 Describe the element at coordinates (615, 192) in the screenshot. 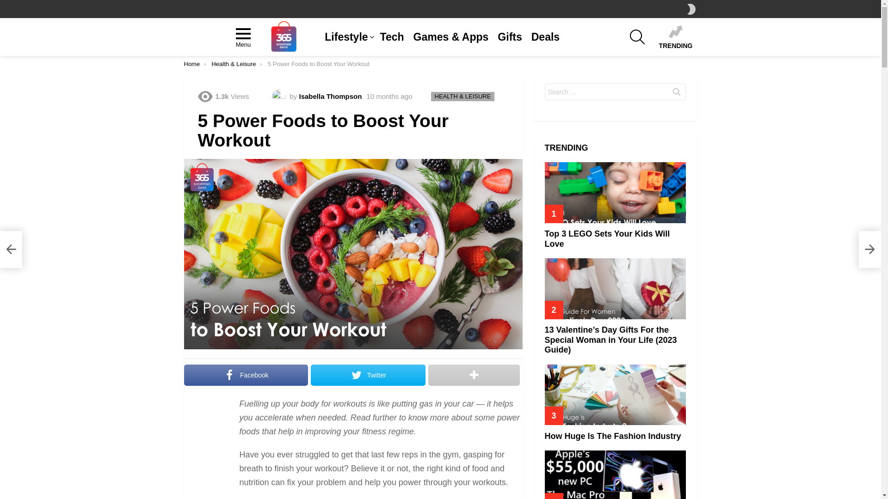

I see `'Top 3 LEGO Sets Your Kids Will Love'` at that location.